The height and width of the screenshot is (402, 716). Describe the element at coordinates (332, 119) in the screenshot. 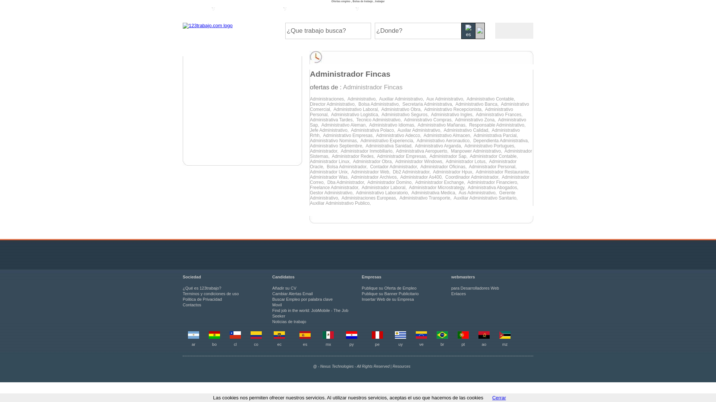

I see `'Administrativa Tardes, '` at that location.